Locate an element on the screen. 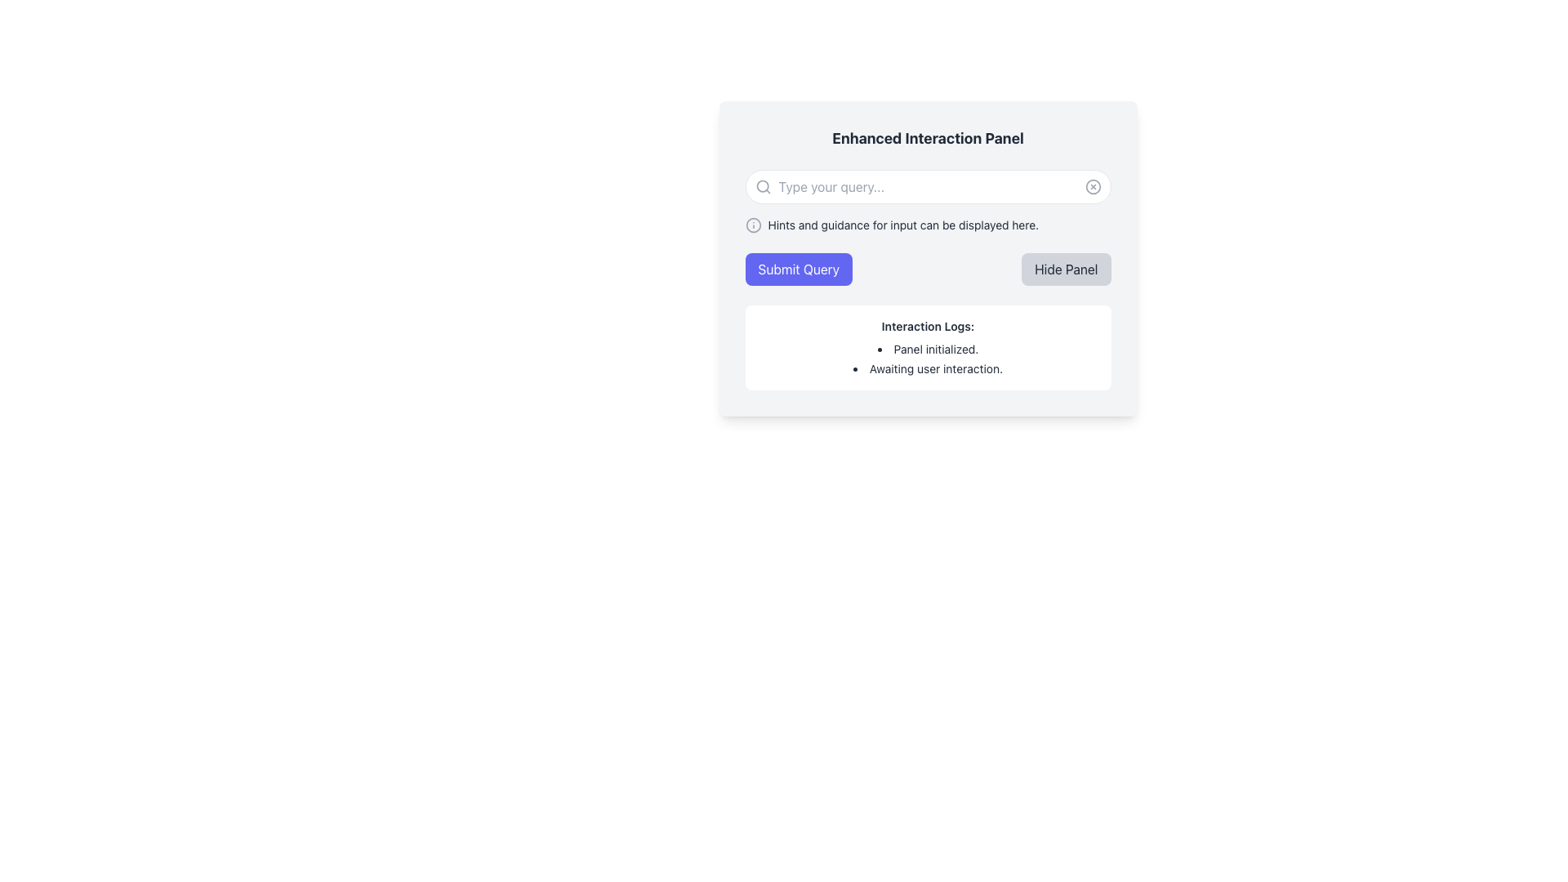 Image resolution: width=1568 pixels, height=882 pixels. the 'Hide Panel' button, which is a rectangular button with rounded edges, located to the right of the 'Submit Query' button in the top section of the interface is located at coordinates (1066, 269).